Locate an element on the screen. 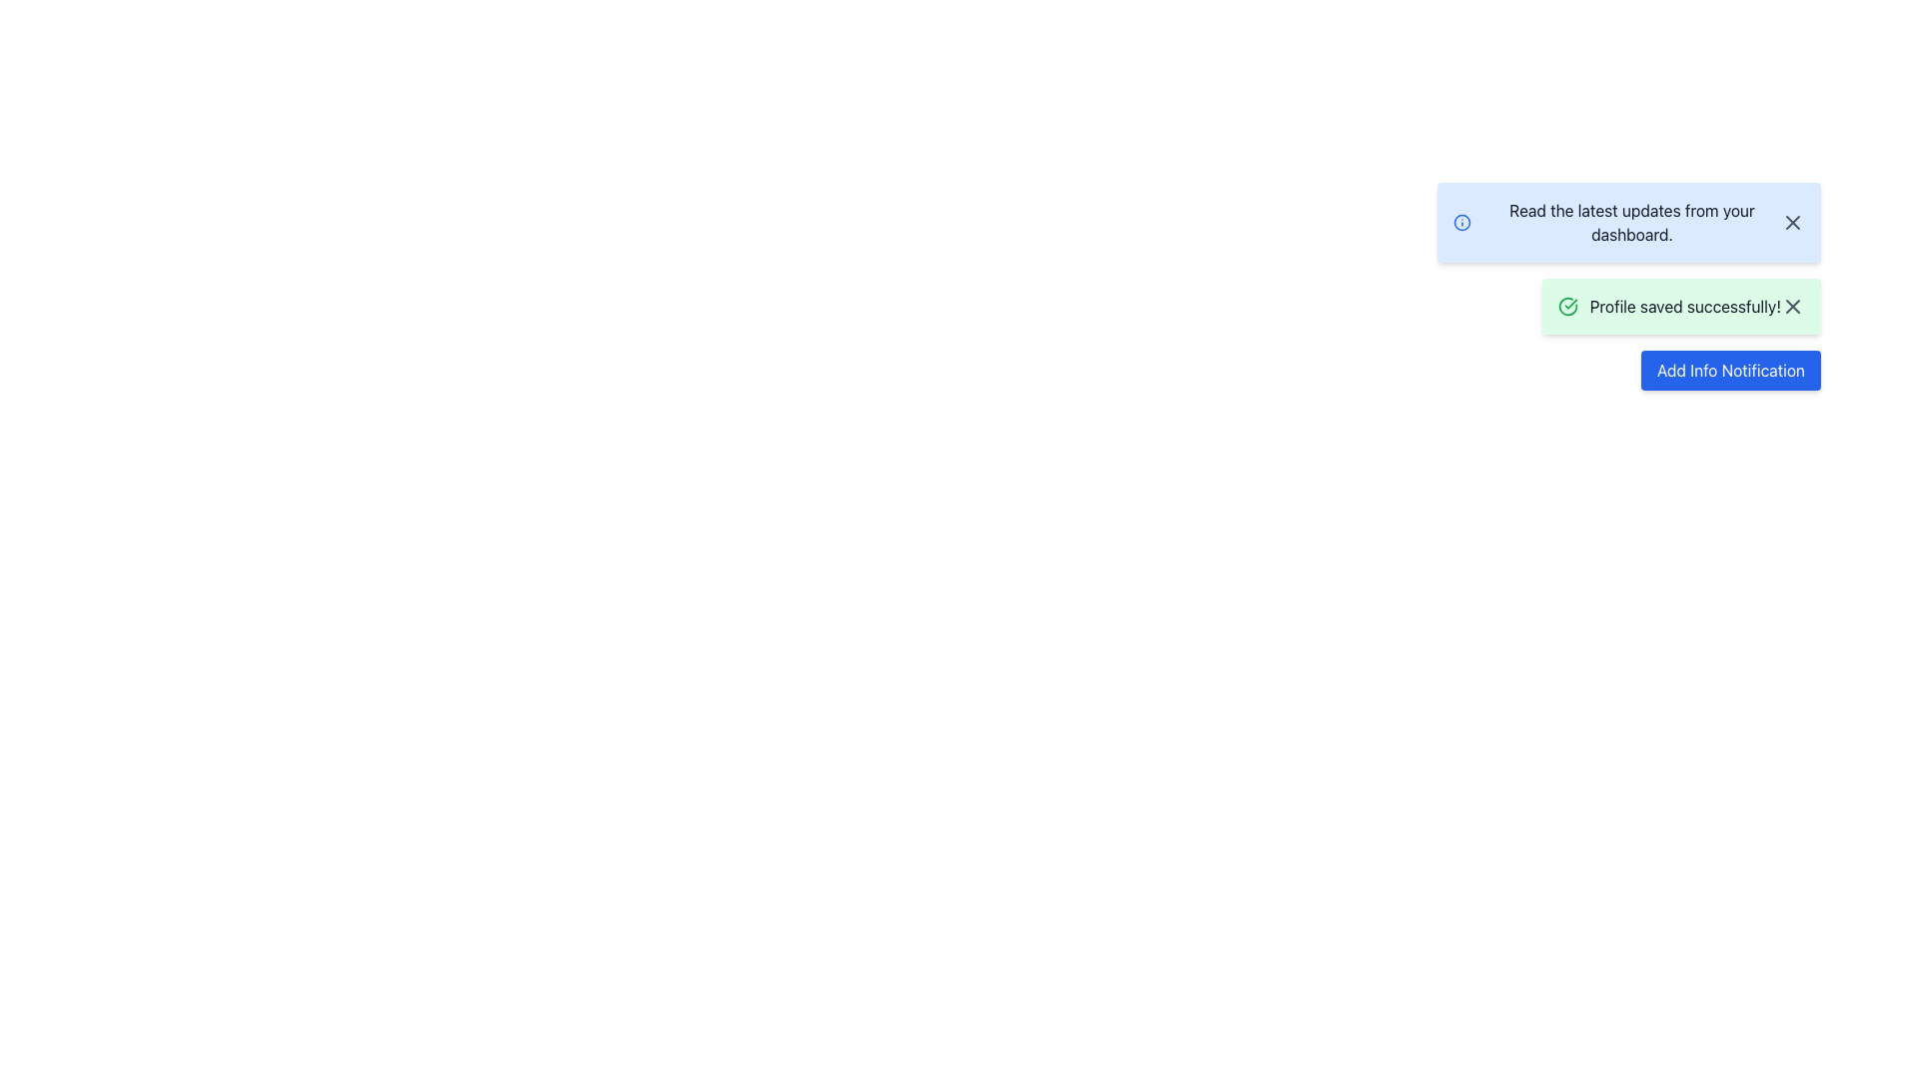  the circular icon with a green outline and a green checkmark inside, located to the left of the message text 'Profile saved successfully!' is located at coordinates (1566, 307).